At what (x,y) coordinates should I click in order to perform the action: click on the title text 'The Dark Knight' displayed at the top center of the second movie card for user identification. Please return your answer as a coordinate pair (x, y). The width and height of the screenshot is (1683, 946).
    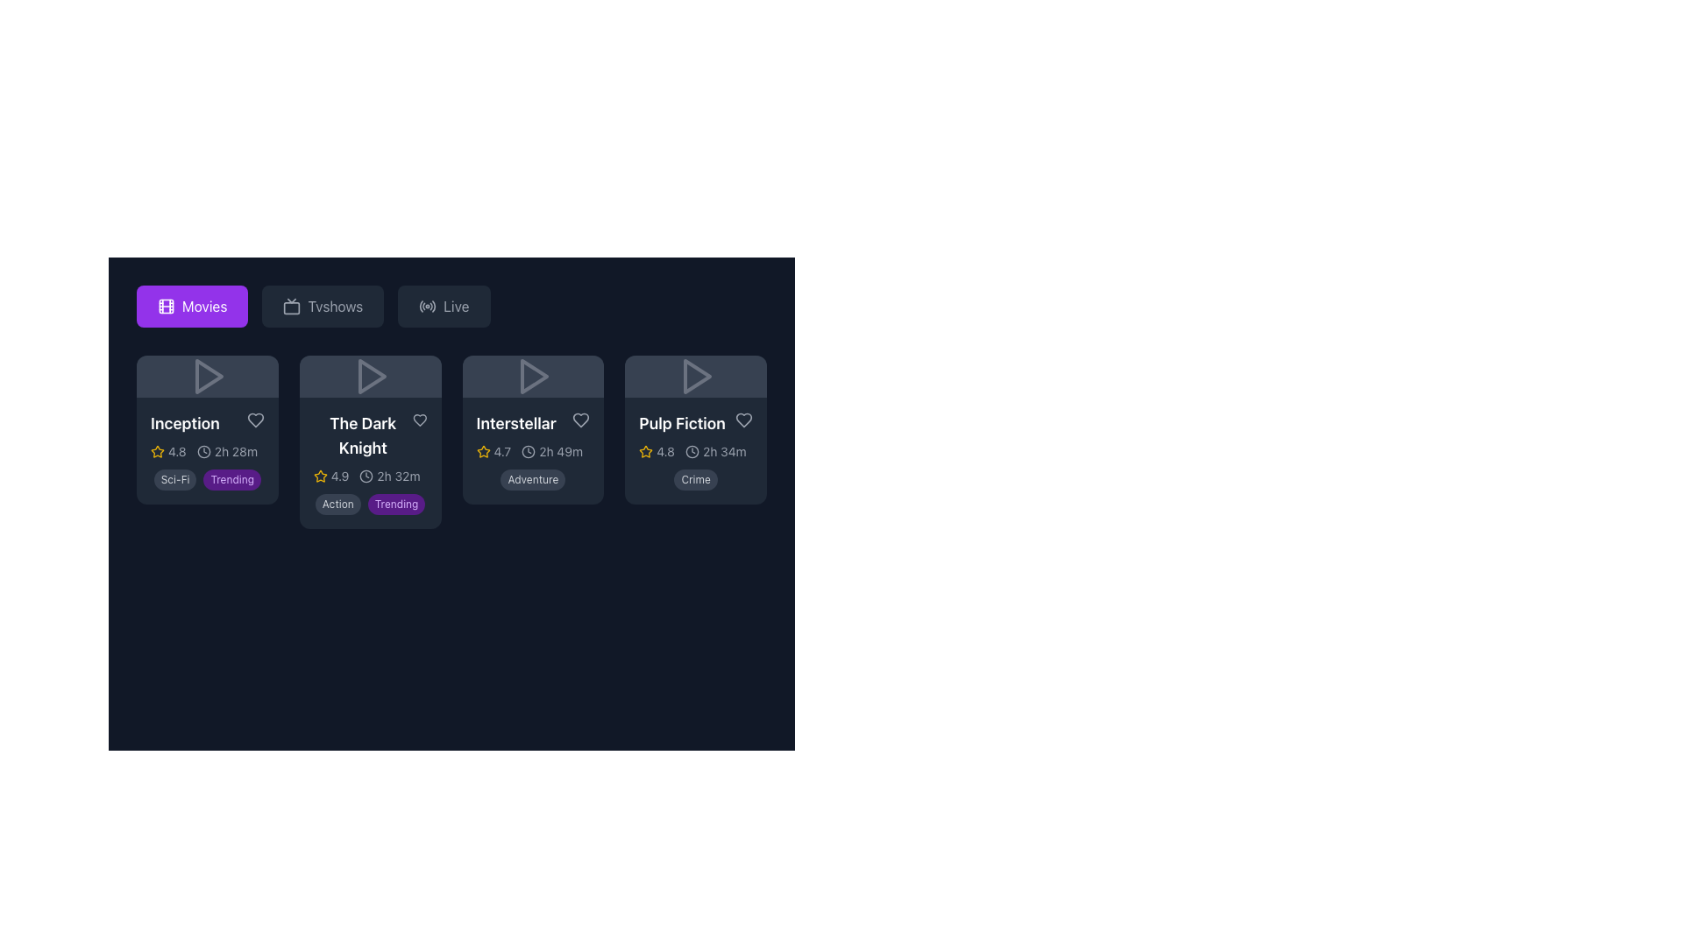
    Looking at the image, I should click on (369, 434).